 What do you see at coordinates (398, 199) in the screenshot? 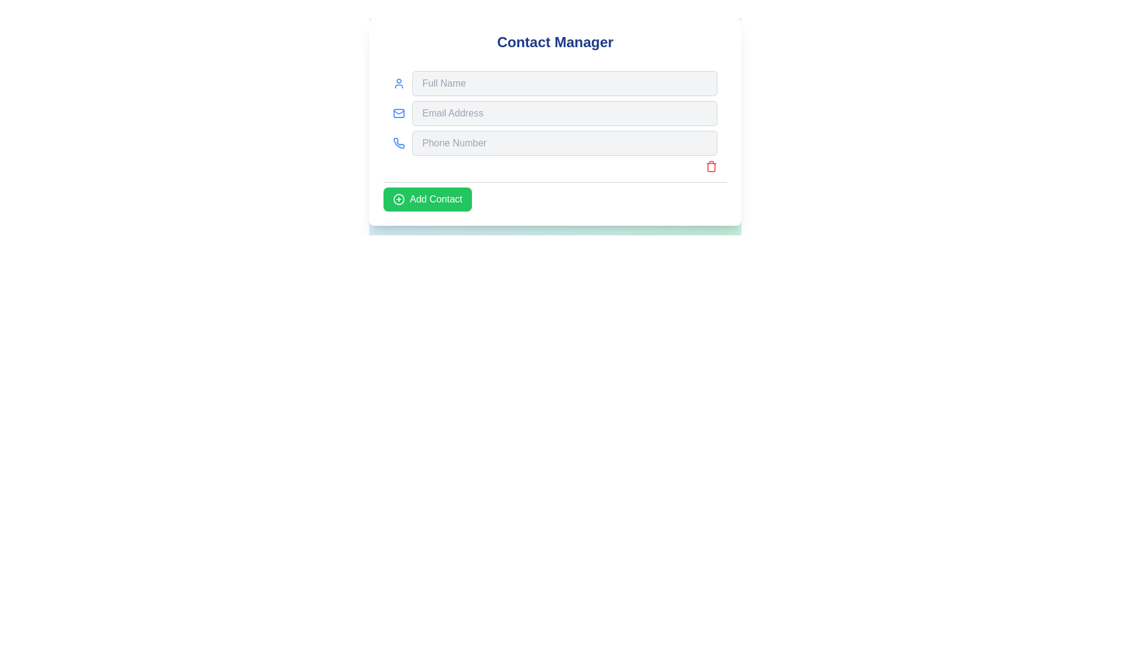
I see `the circular green icon with a centered plus (+) sign, located to the left of the 'Add Contact' button at the bottom-left of the form panel` at bounding box center [398, 199].